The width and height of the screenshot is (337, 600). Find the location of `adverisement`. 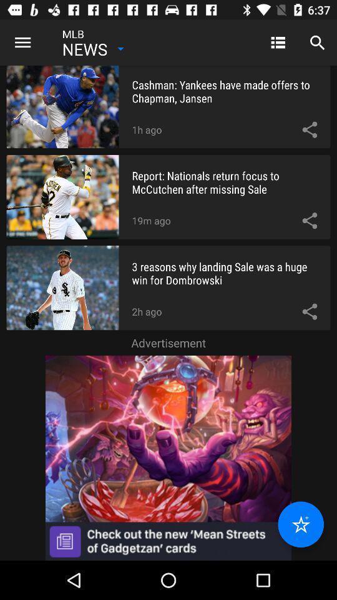

adverisement is located at coordinates (168, 457).